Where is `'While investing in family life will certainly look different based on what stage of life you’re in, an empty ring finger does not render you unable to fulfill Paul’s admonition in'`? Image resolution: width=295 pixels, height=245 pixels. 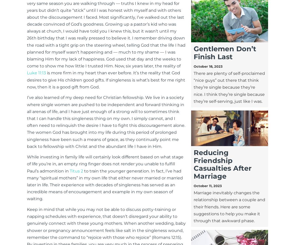
'While investing in family life will certainly look different based on what stage of life you’re in, an empty ring finger does not render you unable to fulfill Paul’s admonition in' is located at coordinates (105, 164).